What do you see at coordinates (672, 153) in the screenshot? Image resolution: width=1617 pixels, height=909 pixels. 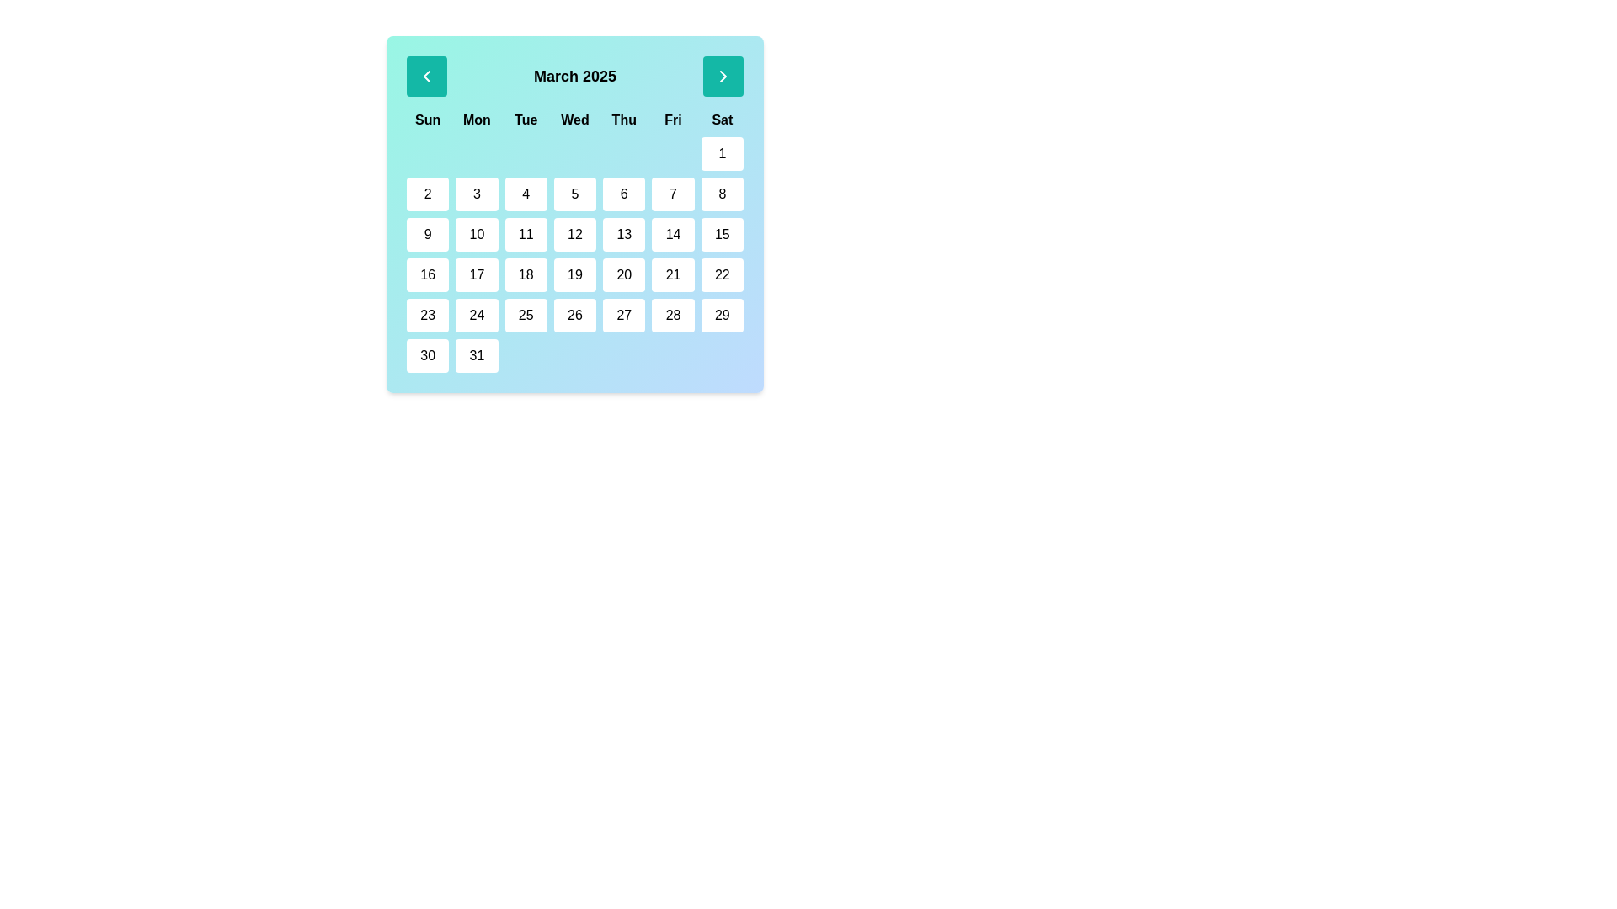 I see `the non-interactive placeholder or blank grid cell in the calendar, located at the sixth position in the first row, which aligns with Friday` at bounding box center [672, 153].